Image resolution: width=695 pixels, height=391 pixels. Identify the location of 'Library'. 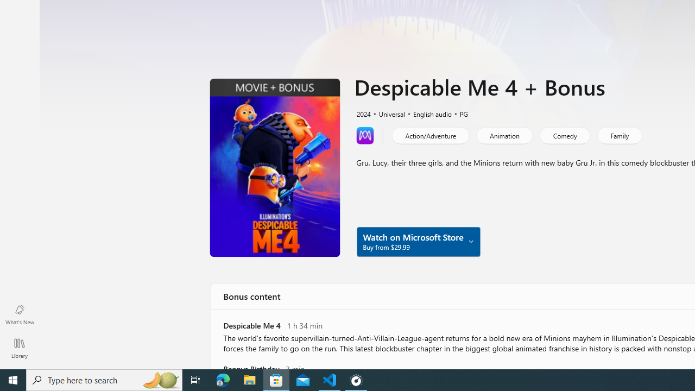
(19, 348).